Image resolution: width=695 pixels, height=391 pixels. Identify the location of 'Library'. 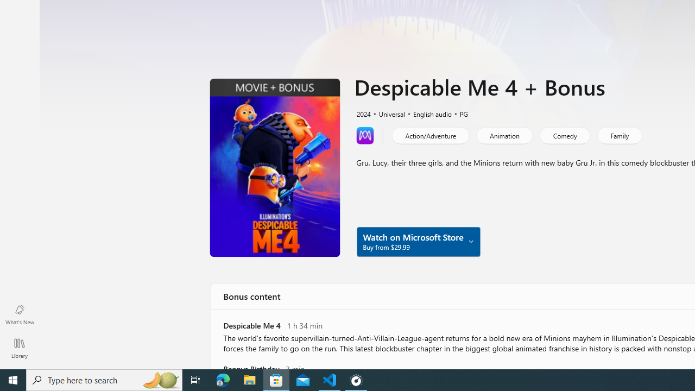
(19, 348).